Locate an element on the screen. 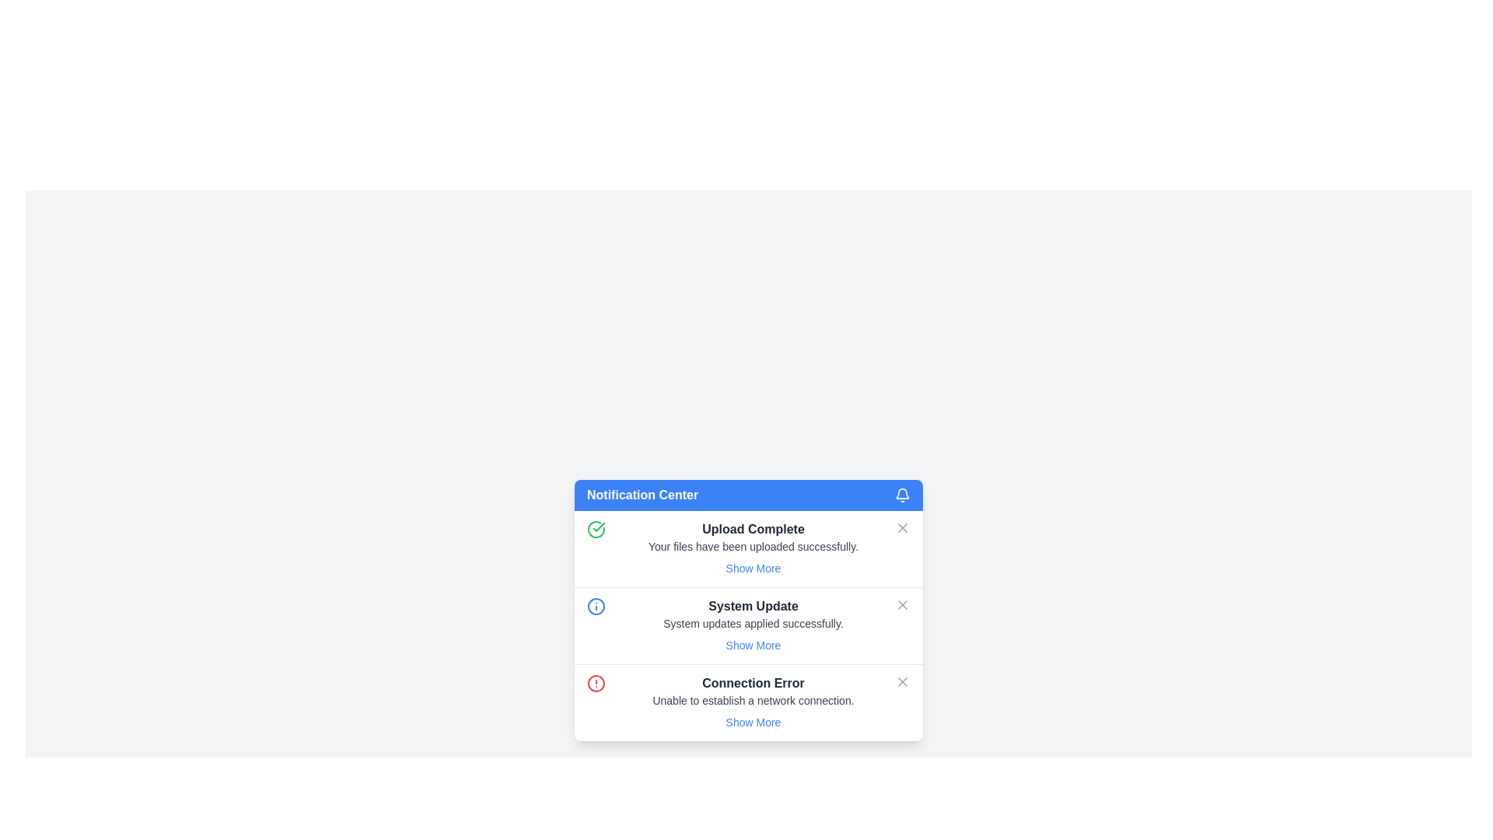 The width and height of the screenshot is (1493, 840). the green circular icon with a check mark located to the left of the 'Upload Complete' text in the top-left corner of the notification card is located at coordinates (596, 529).